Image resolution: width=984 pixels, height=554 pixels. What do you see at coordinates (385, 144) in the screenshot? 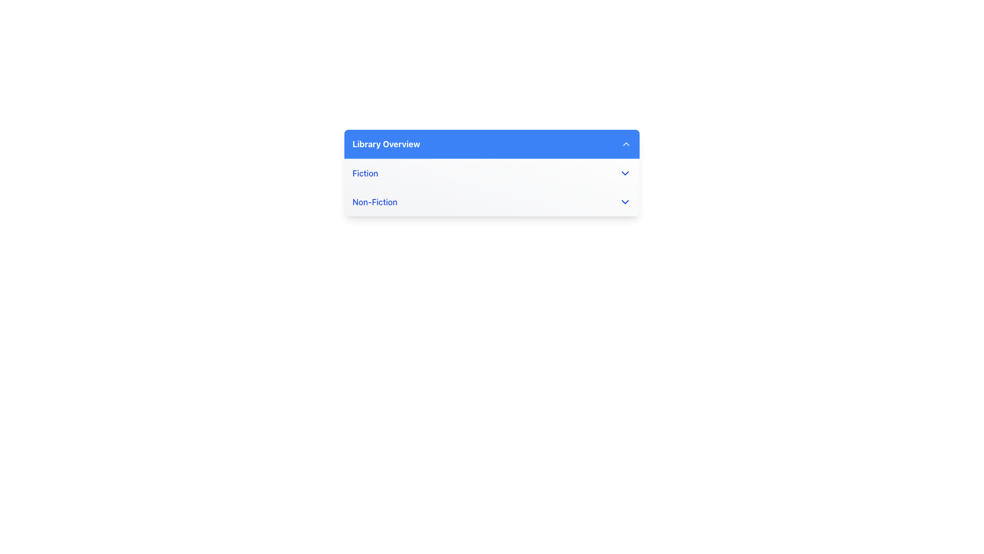
I see `the bold text label 'Library Overview' which is styled with white text on a blue background, located in the left section of the dropdown menu's header bar` at bounding box center [385, 144].